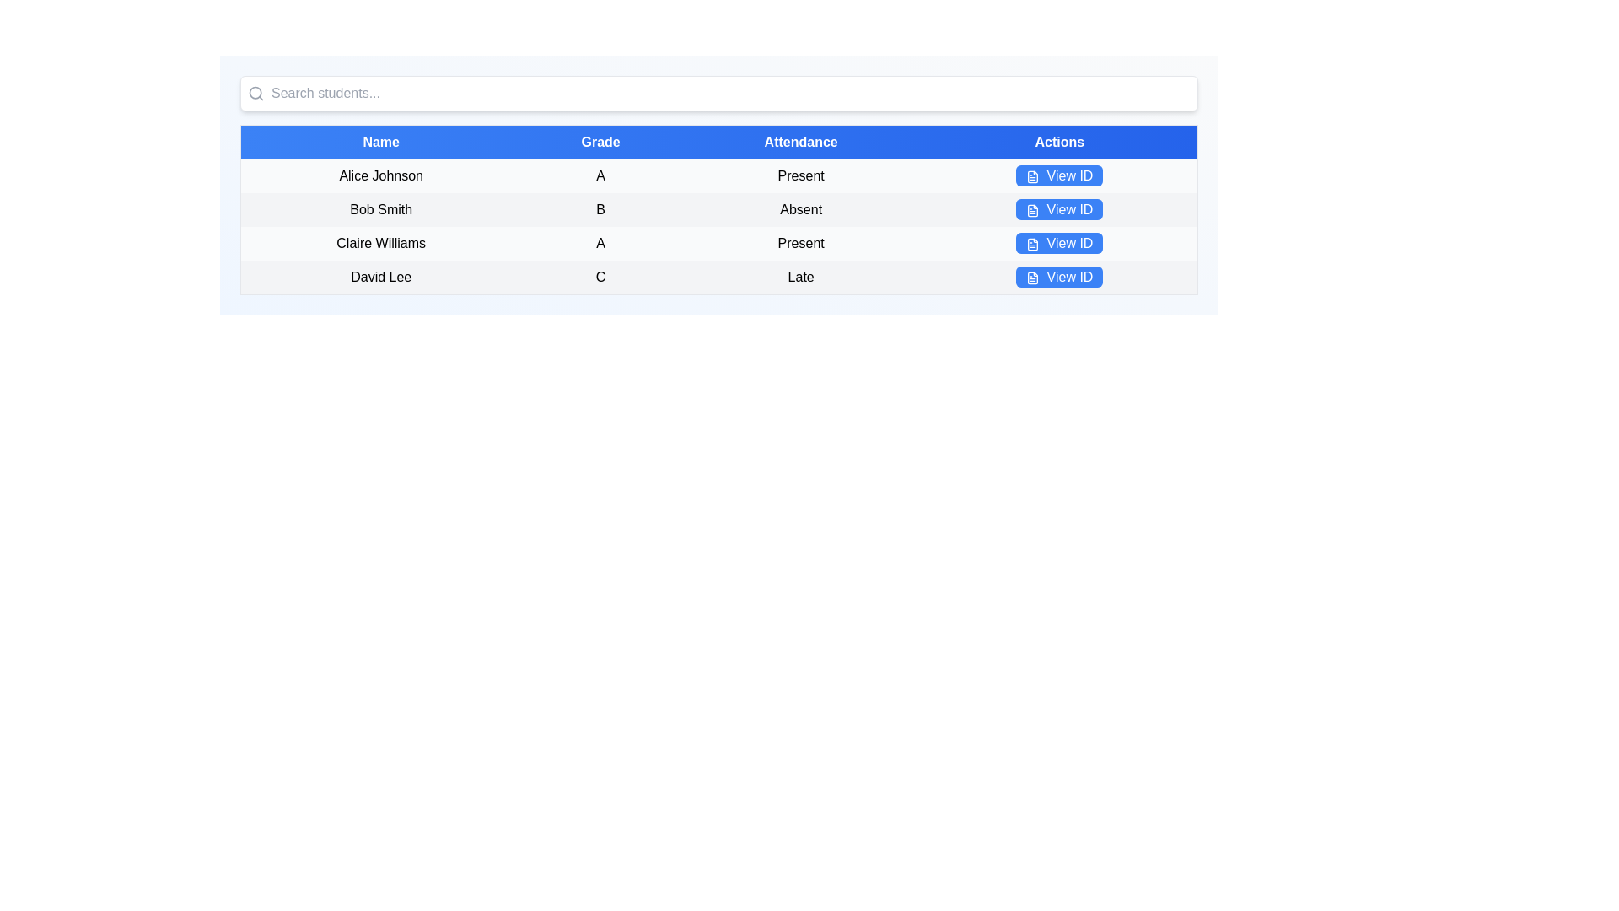  Describe the element at coordinates (1058, 276) in the screenshot. I see `the button in the 'Actions' column of the table for the student 'David Lee'` at that location.